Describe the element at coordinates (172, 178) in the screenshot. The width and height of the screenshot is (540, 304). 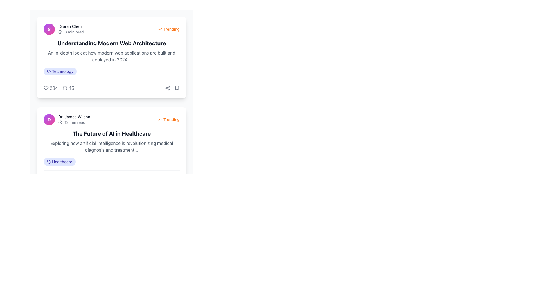
I see `the interactive button located at the bottom-right corner of the card for the article 'The Future of AI in Healthcare'` at that location.